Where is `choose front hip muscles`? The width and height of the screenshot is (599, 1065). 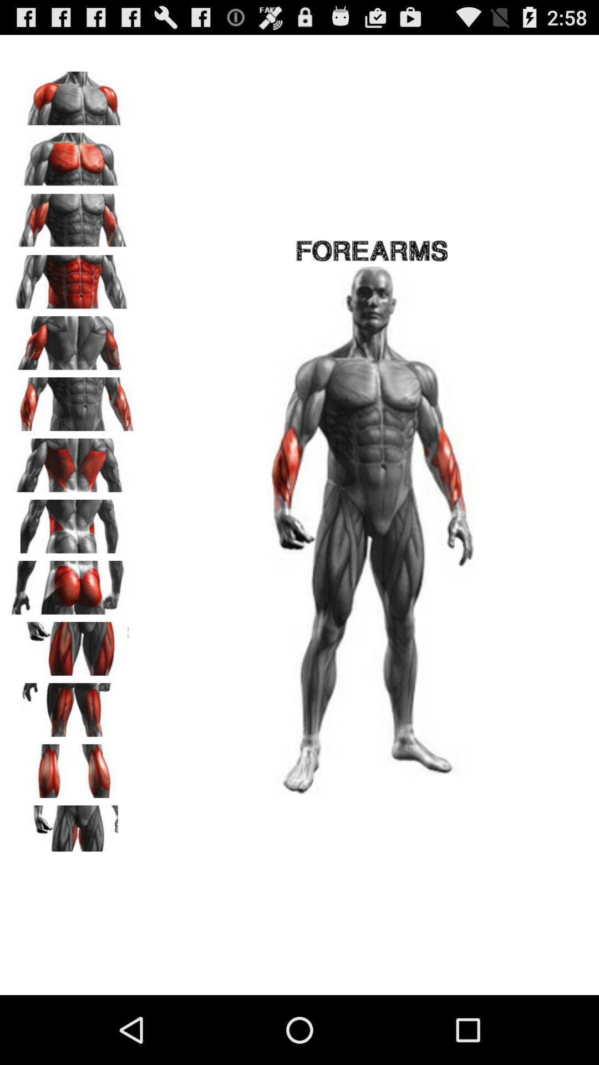 choose front hip muscles is located at coordinates (73, 645).